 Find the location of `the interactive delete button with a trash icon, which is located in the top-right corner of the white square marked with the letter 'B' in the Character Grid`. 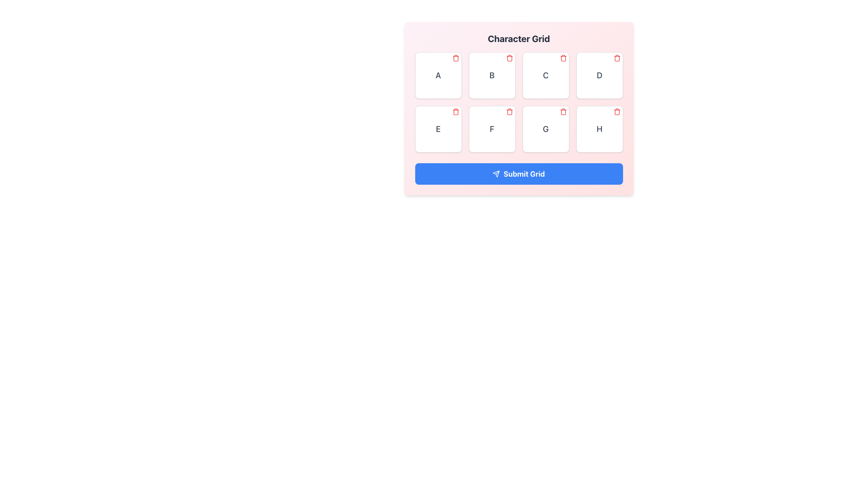

the interactive delete button with a trash icon, which is located in the top-right corner of the white square marked with the letter 'B' in the Character Grid is located at coordinates (509, 58).